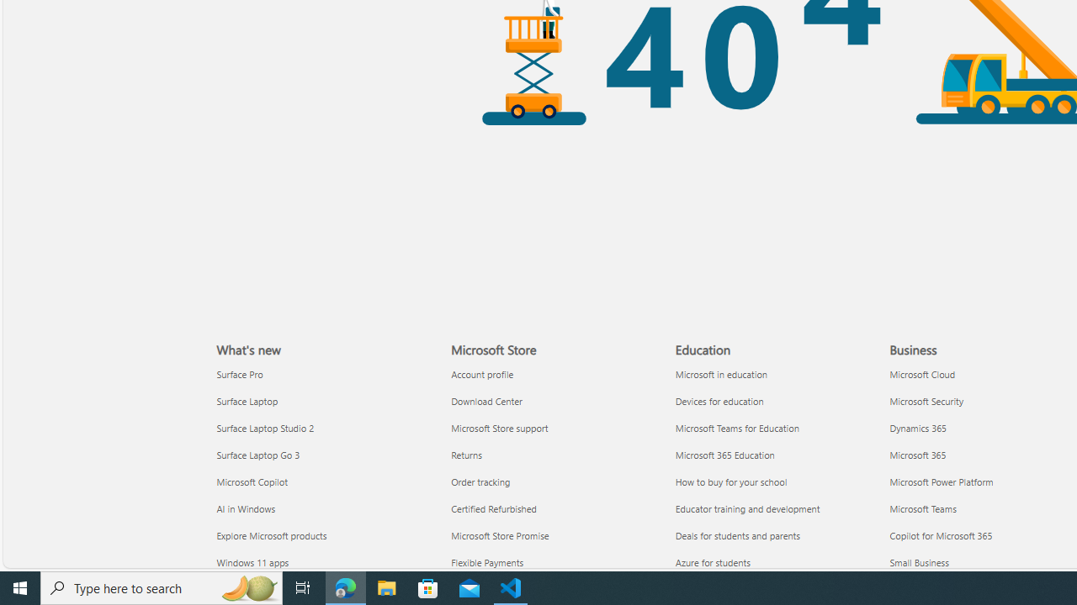 This screenshot has height=605, width=1077. Describe the element at coordinates (324, 562) in the screenshot. I see `'Windows 11 apps'` at that location.